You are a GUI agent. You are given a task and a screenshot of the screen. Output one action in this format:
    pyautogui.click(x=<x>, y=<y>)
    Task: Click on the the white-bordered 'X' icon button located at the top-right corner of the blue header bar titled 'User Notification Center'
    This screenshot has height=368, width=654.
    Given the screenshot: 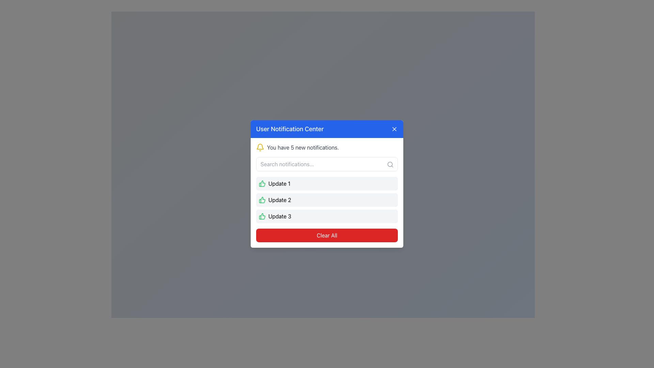 What is the action you would take?
    pyautogui.click(x=394, y=129)
    